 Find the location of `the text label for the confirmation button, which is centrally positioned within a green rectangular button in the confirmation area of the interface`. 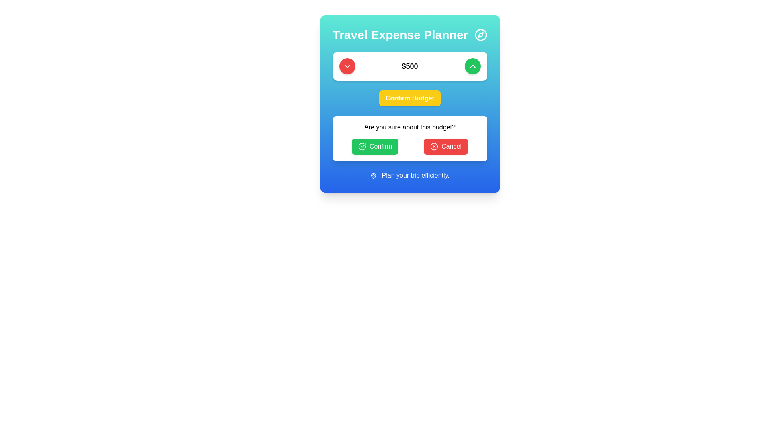

the text label for the confirmation button, which is centrally positioned within a green rectangular button in the confirmation area of the interface is located at coordinates (380, 147).